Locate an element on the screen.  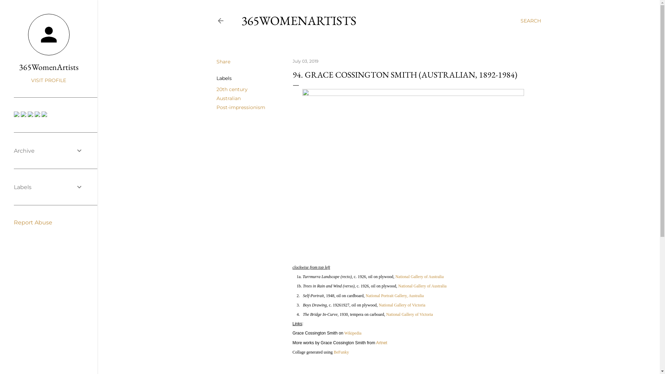
'National Gallery of Australia' is located at coordinates (398, 286).